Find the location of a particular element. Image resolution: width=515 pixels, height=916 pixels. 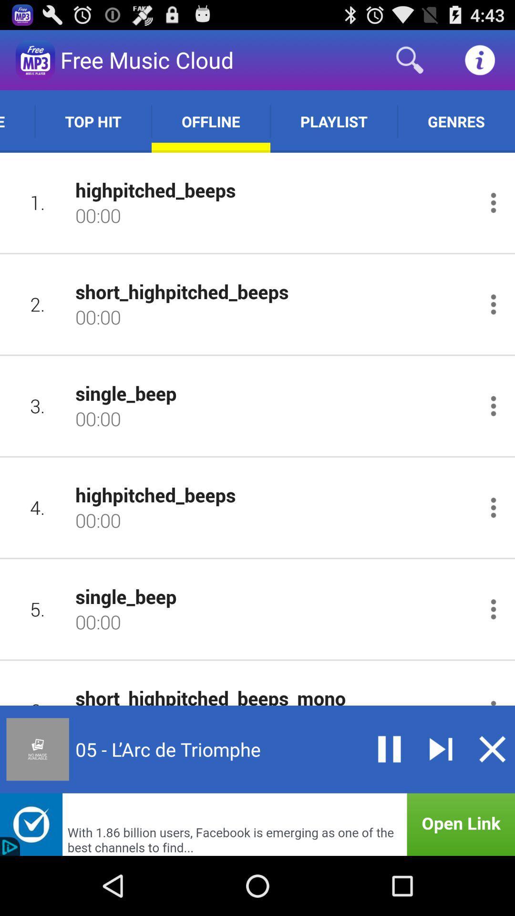

options songs menu button is located at coordinates (493, 202).